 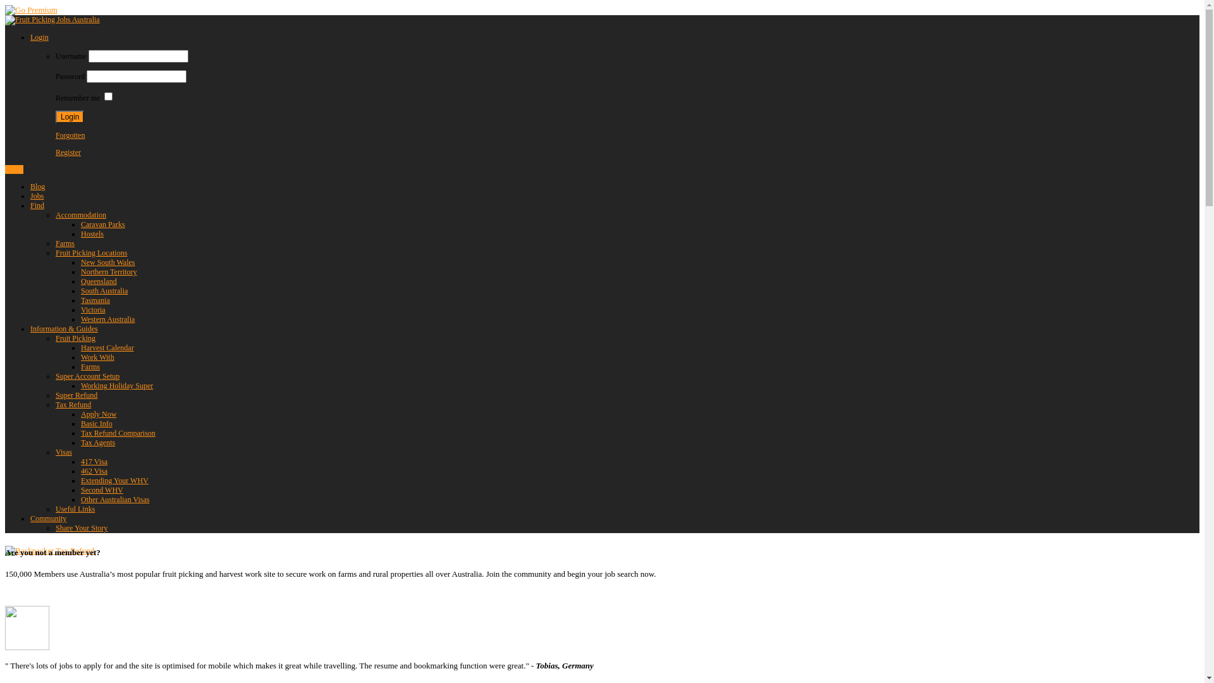 I want to click on 'Super Account Setup', so click(x=87, y=375).